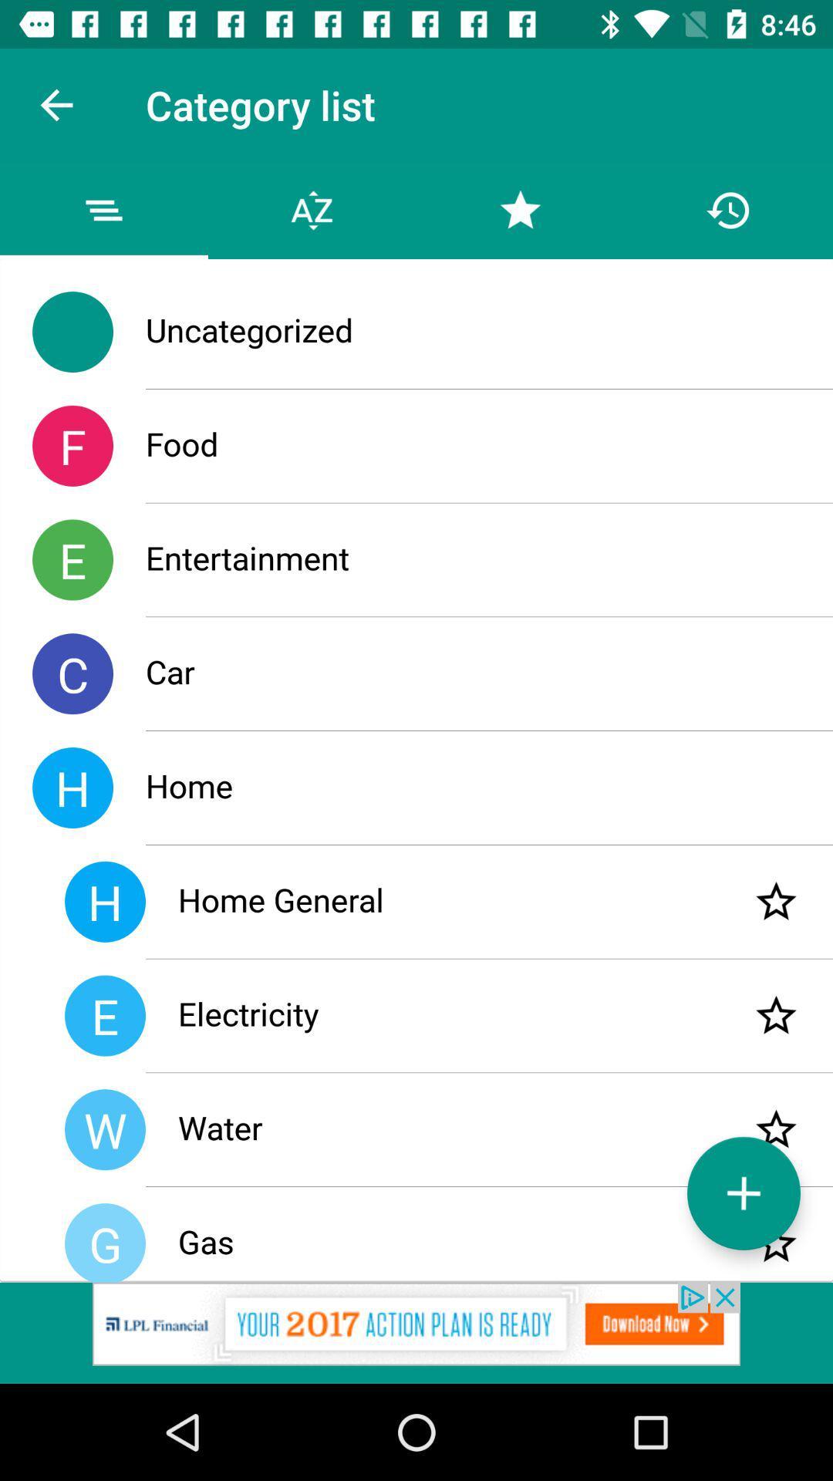 Image resolution: width=833 pixels, height=1481 pixels. I want to click on ipl add, so click(416, 1332).